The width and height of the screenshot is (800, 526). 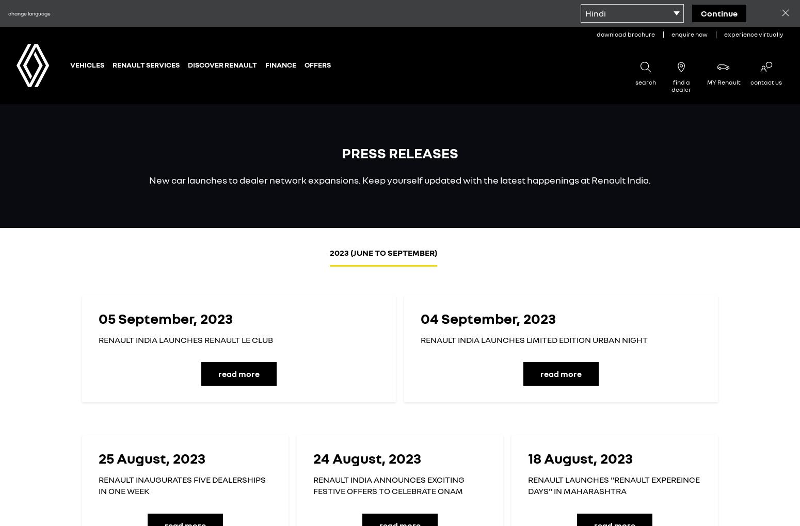 What do you see at coordinates (719, 13) in the screenshot?
I see `'continue'` at bounding box center [719, 13].